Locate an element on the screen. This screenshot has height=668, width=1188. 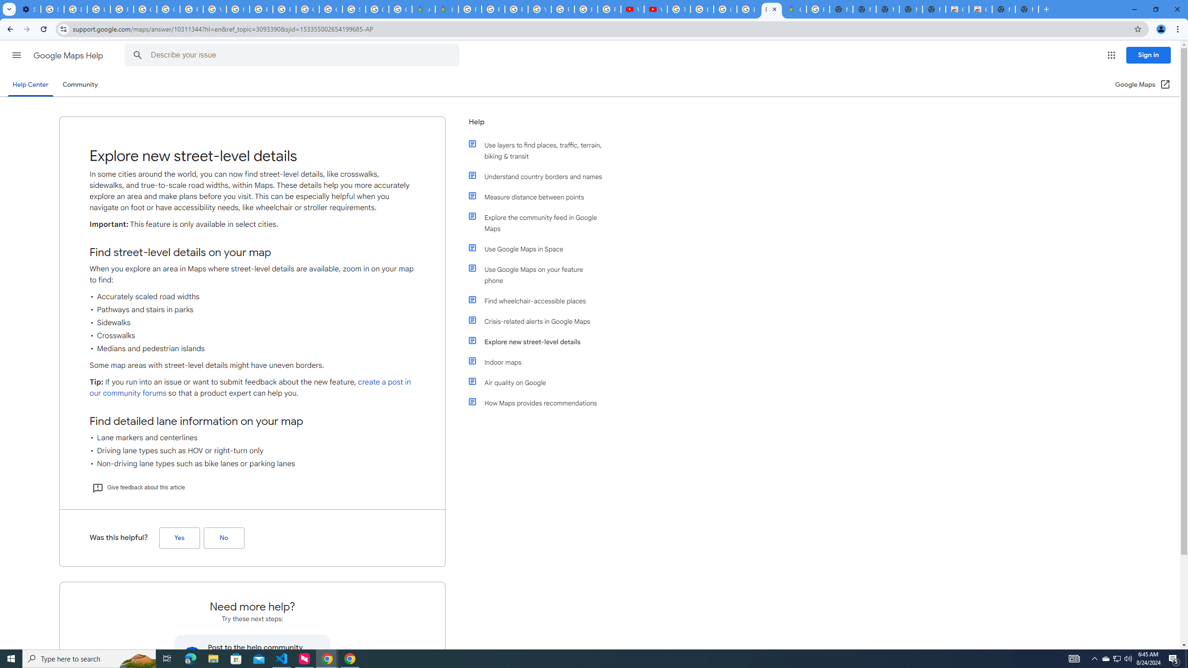
'Search Help Center' is located at coordinates (137, 55).